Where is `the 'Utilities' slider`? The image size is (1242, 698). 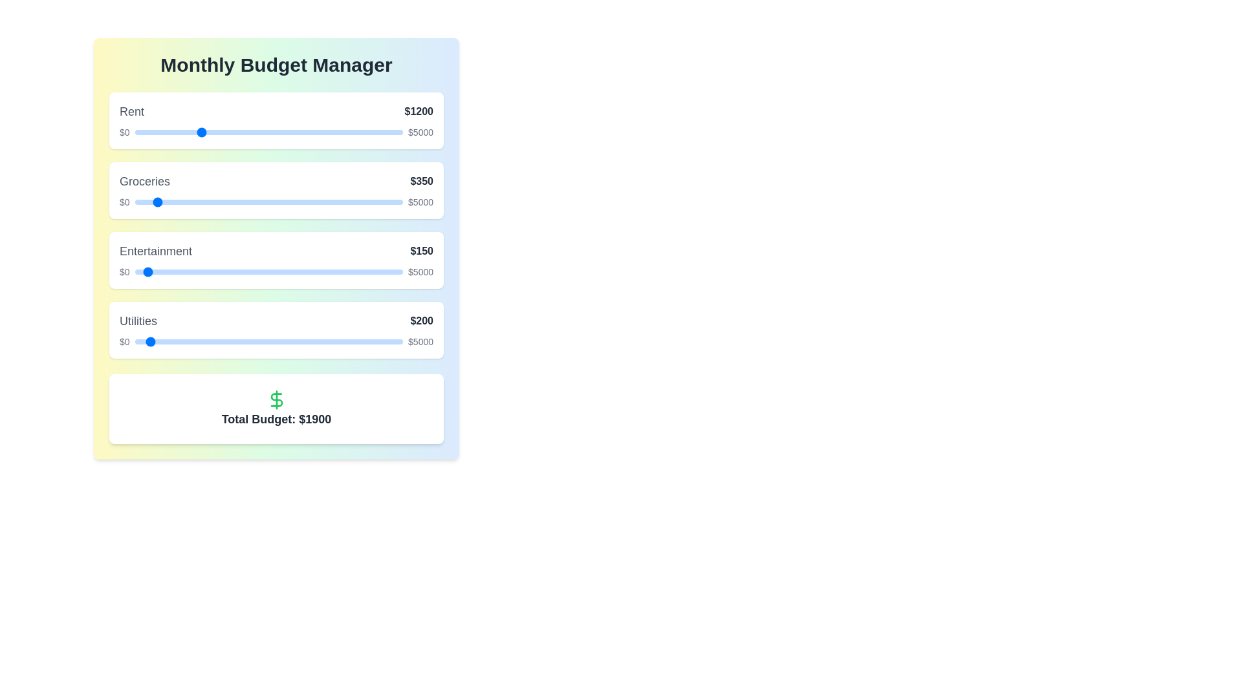 the 'Utilities' slider is located at coordinates (171, 341).